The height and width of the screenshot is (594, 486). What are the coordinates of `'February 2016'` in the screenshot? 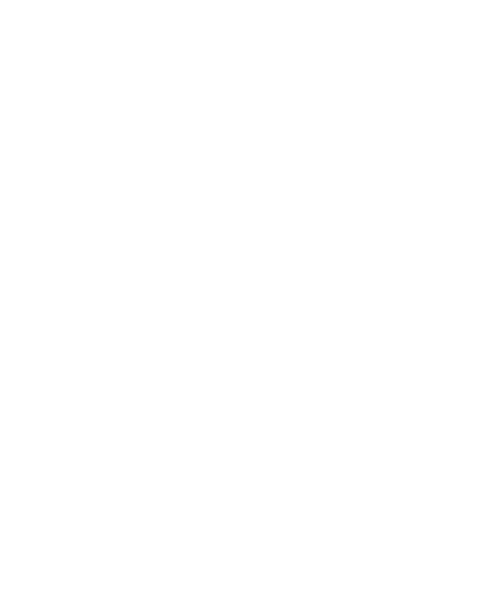 It's located at (80, 293).